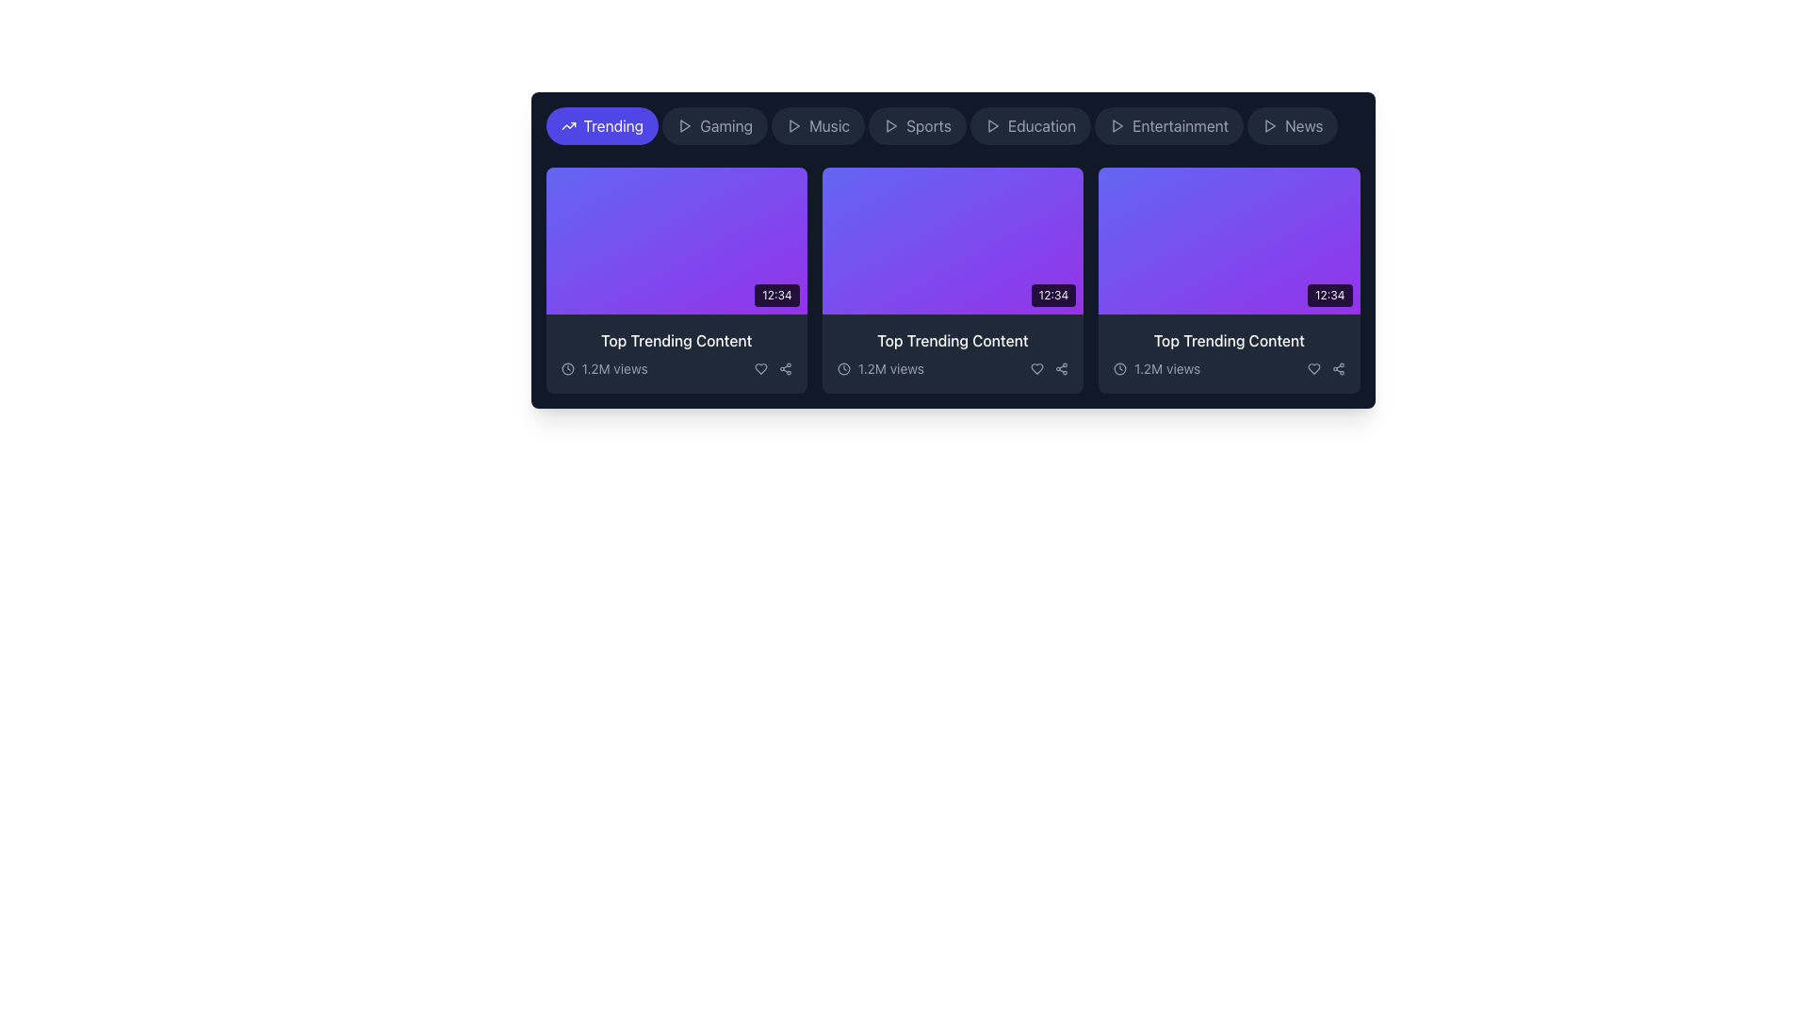  I want to click on the 'Education' text label, which is styled in light gray against a dark gray background within the navigation bar, so click(1041, 126).